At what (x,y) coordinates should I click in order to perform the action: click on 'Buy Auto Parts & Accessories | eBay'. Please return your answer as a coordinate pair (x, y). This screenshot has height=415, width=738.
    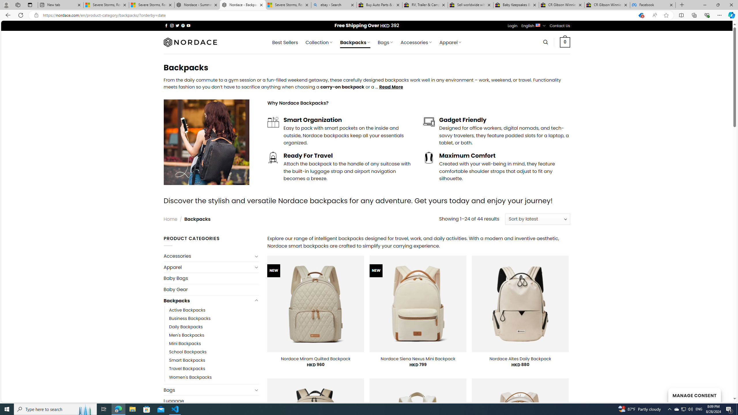
    Looking at the image, I should click on (379, 5).